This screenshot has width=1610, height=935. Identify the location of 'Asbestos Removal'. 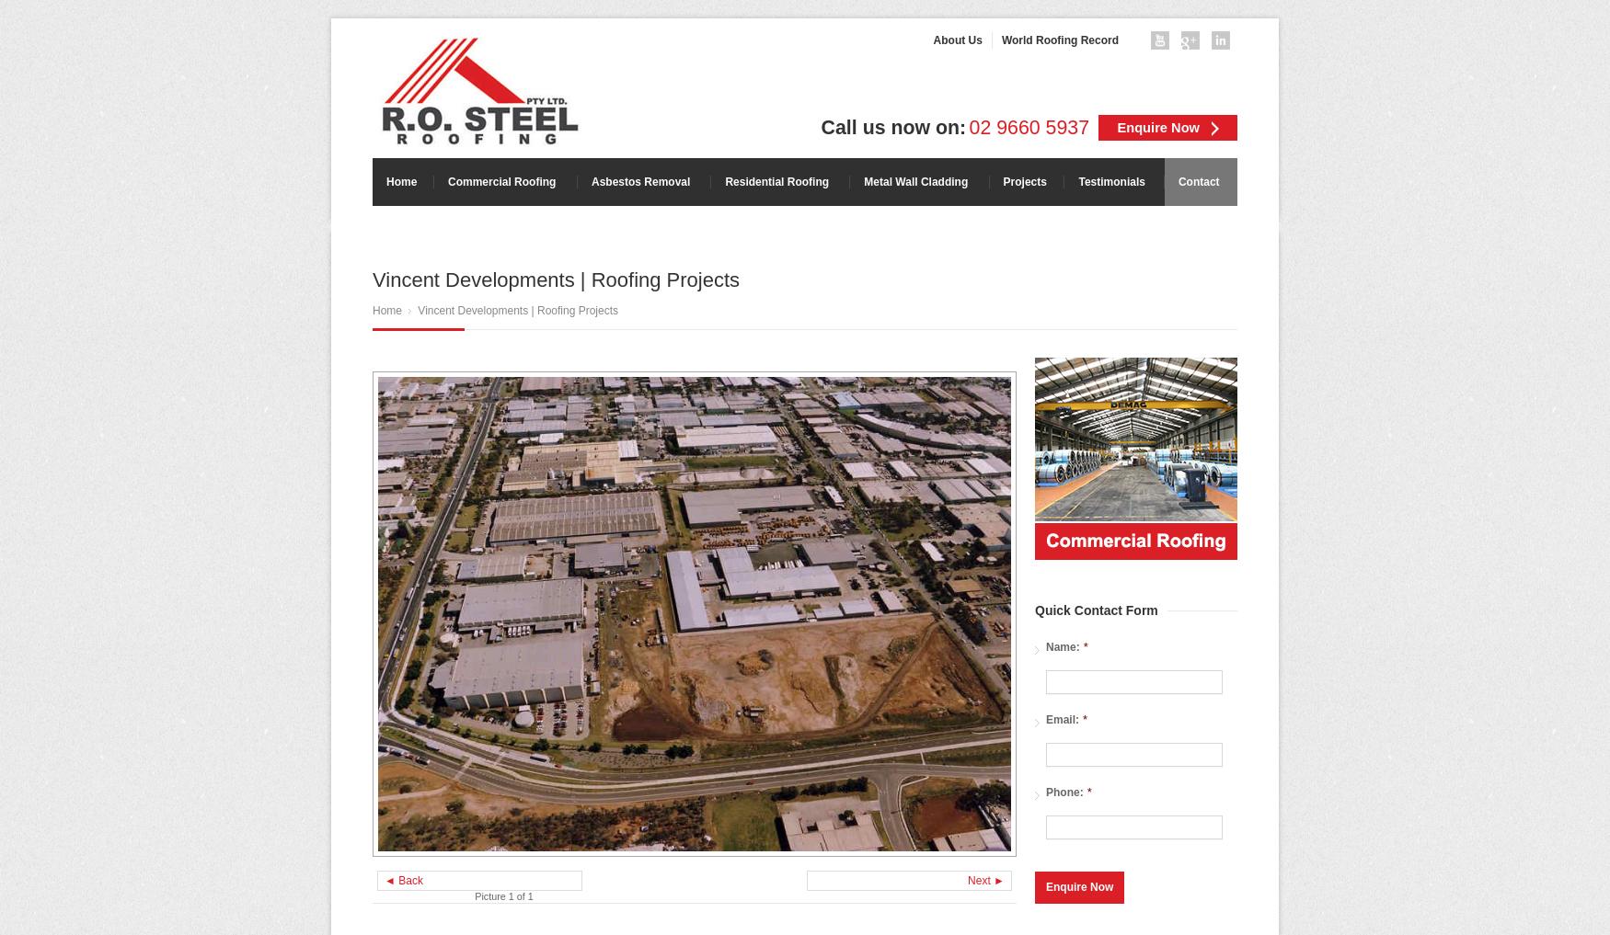
(639, 182).